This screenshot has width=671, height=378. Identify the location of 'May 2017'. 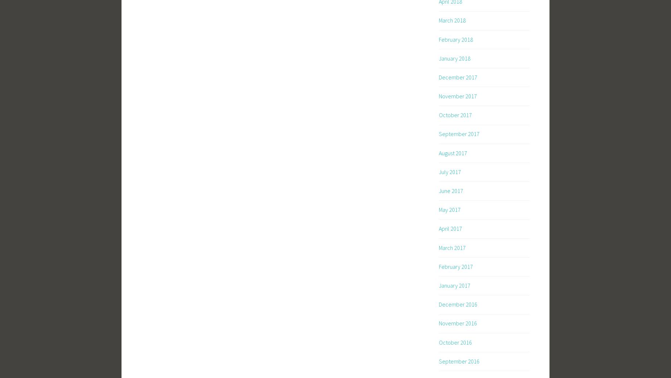
(449, 209).